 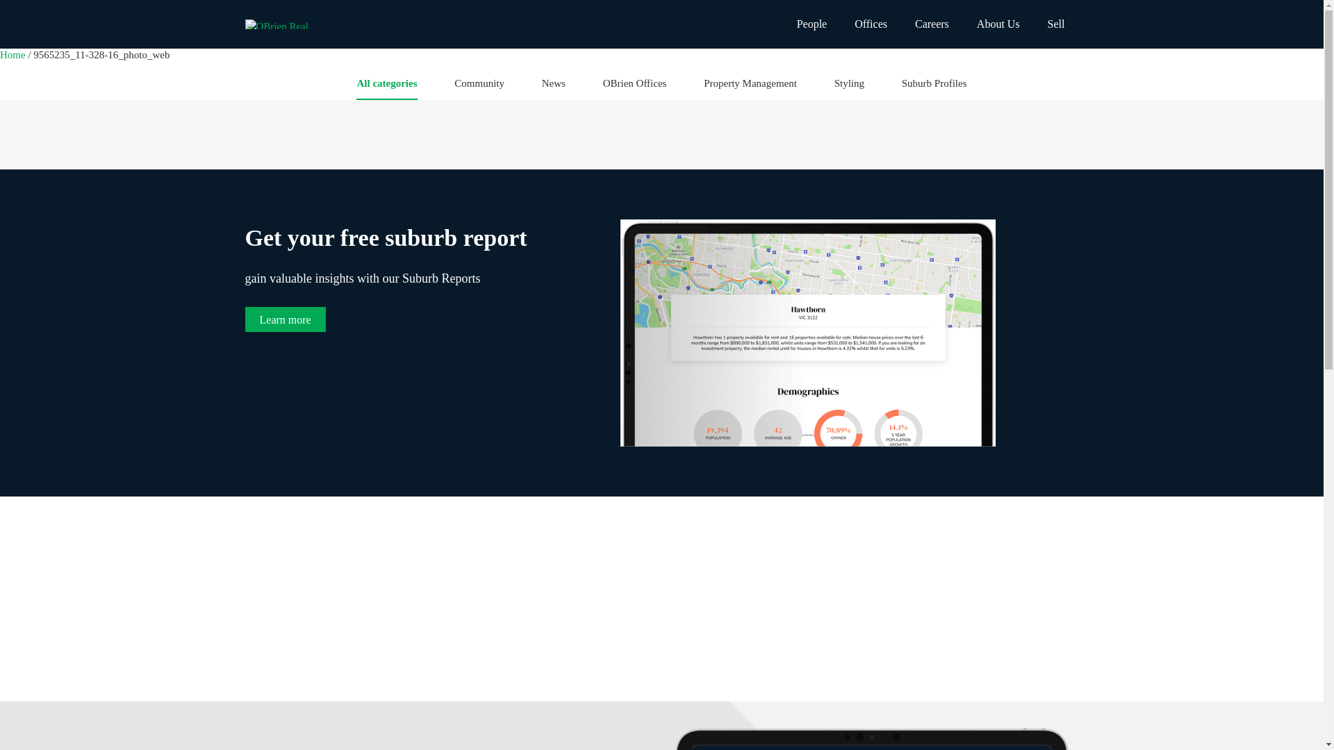 What do you see at coordinates (552, 87) in the screenshot?
I see `'News'` at bounding box center [552, 87].